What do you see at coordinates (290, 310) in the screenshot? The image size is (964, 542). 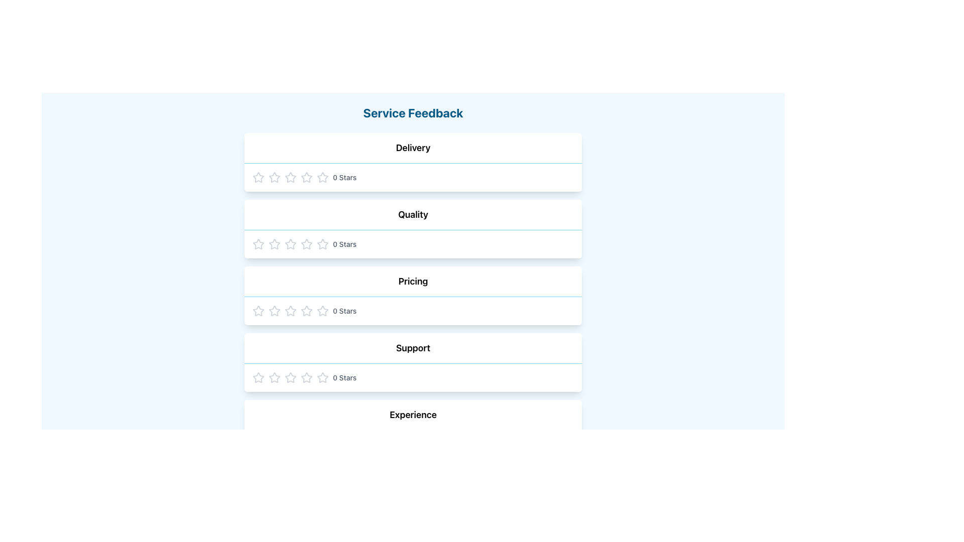 I see `the first star rating icon located under the 'Pricing' header` at bounding box center [290, 310].